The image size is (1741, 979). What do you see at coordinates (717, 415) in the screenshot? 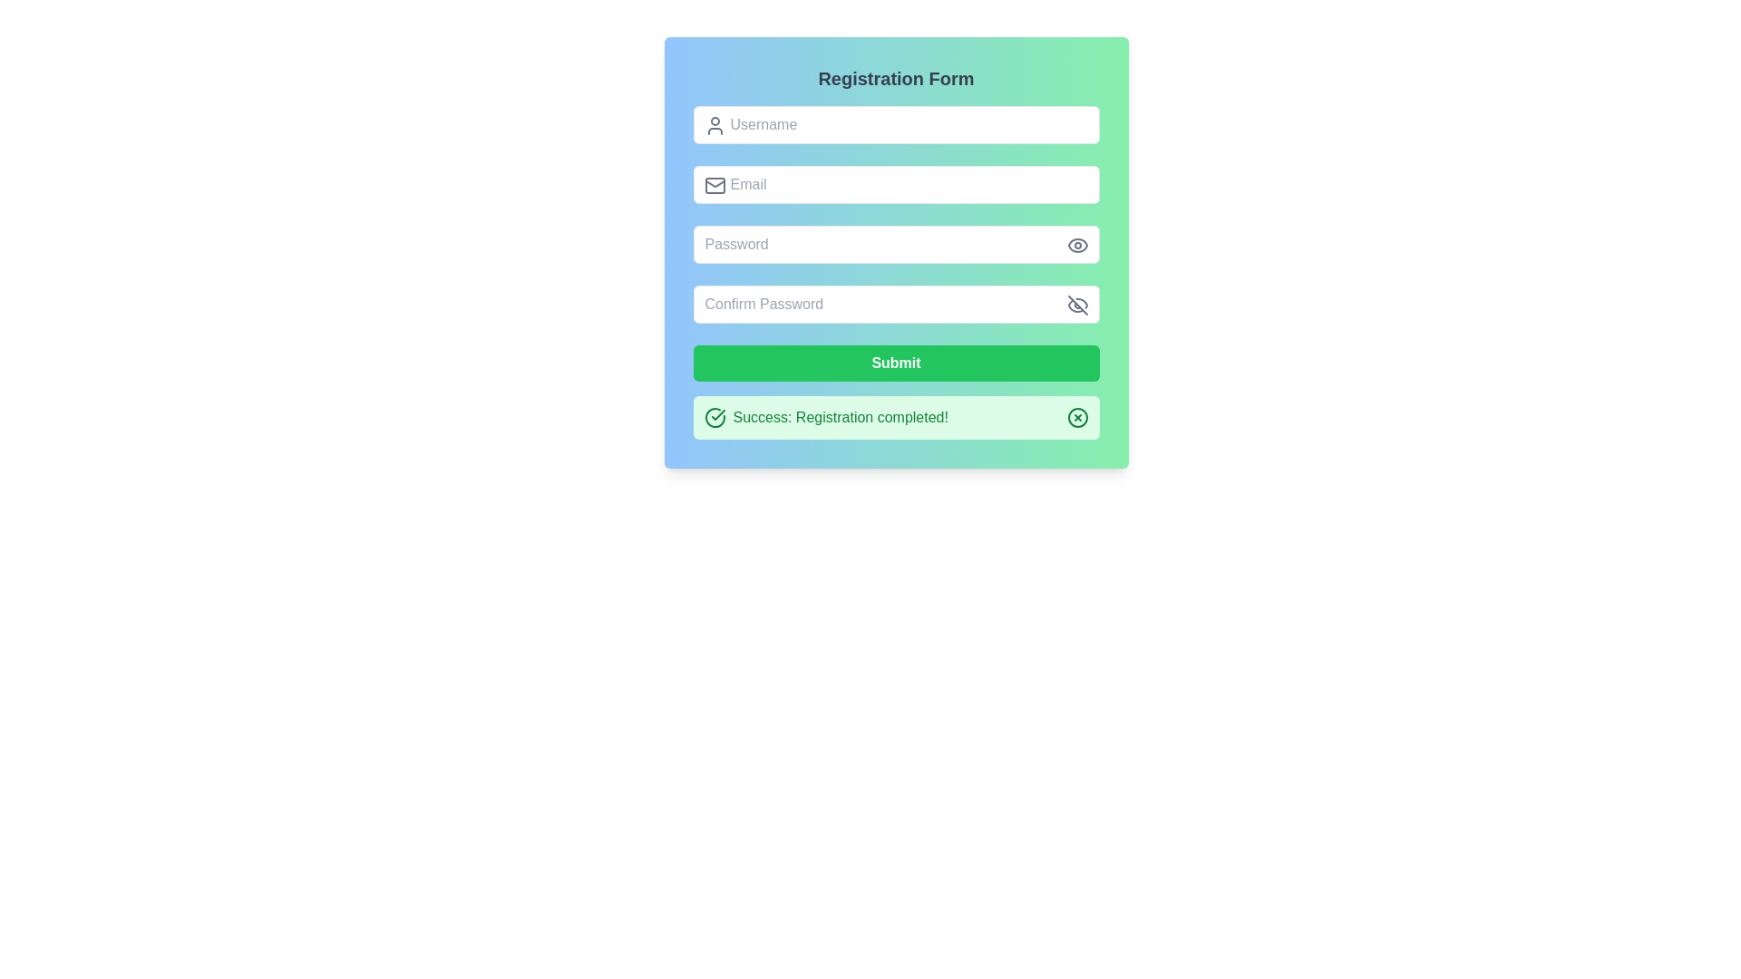
I see `the graphical icon indicating a successful operation, which is positioned to the left of the success message 'Success: Registration completed!' in the notification area` at bounding box center [717, 415].